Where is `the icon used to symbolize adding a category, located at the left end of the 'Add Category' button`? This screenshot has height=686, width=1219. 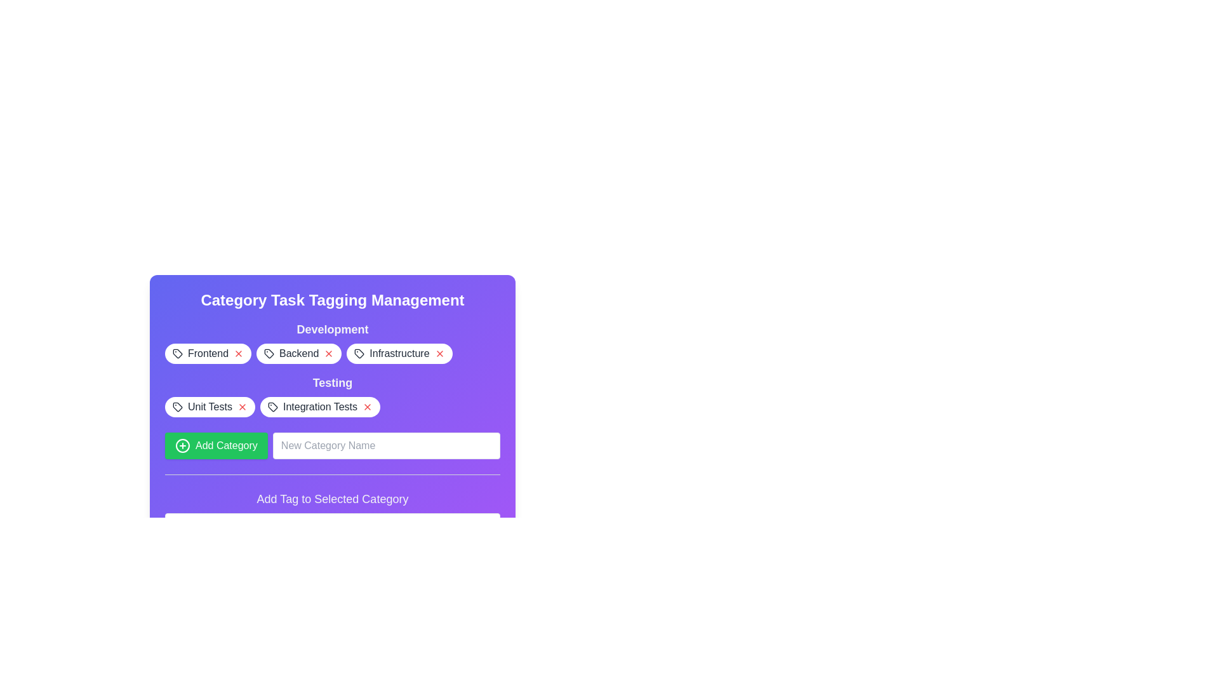
the icon used to symbolize adding a category, located at the left end of the 'Add Category' button is located at coordinates (182, 445).